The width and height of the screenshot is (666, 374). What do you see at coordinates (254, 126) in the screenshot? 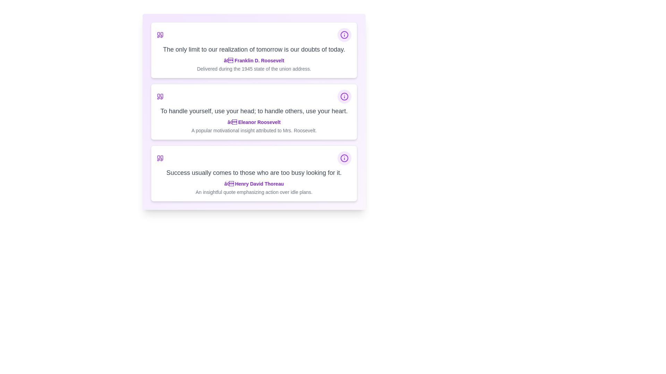
I see `the Text Block containing the header 'Eleanor Roosevelt' with a bold, purple font and gray description text below it` at bounding box center [254, 126].